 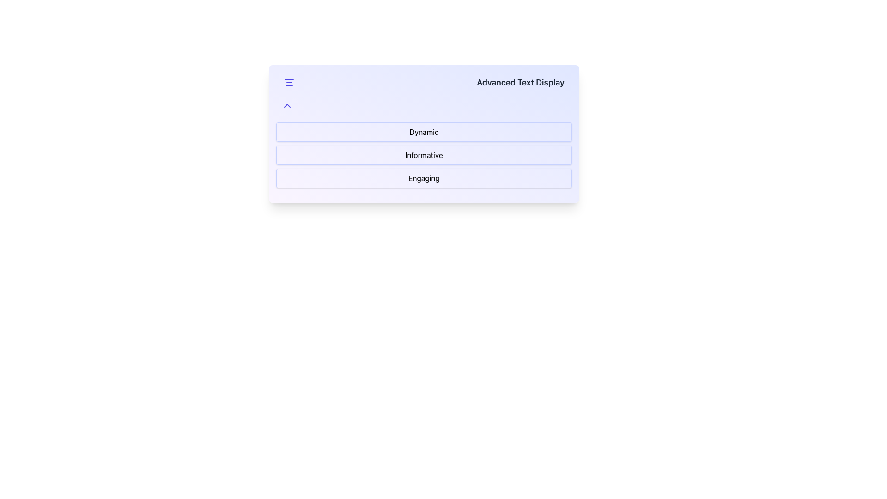 I want to click on the purple Chevron-Up icon located below the hamburger menu, so click(x=287, y=105).